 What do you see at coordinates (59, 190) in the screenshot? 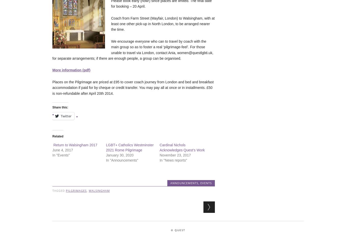
I see `'Tagged'` at bounding box center [59, 190].